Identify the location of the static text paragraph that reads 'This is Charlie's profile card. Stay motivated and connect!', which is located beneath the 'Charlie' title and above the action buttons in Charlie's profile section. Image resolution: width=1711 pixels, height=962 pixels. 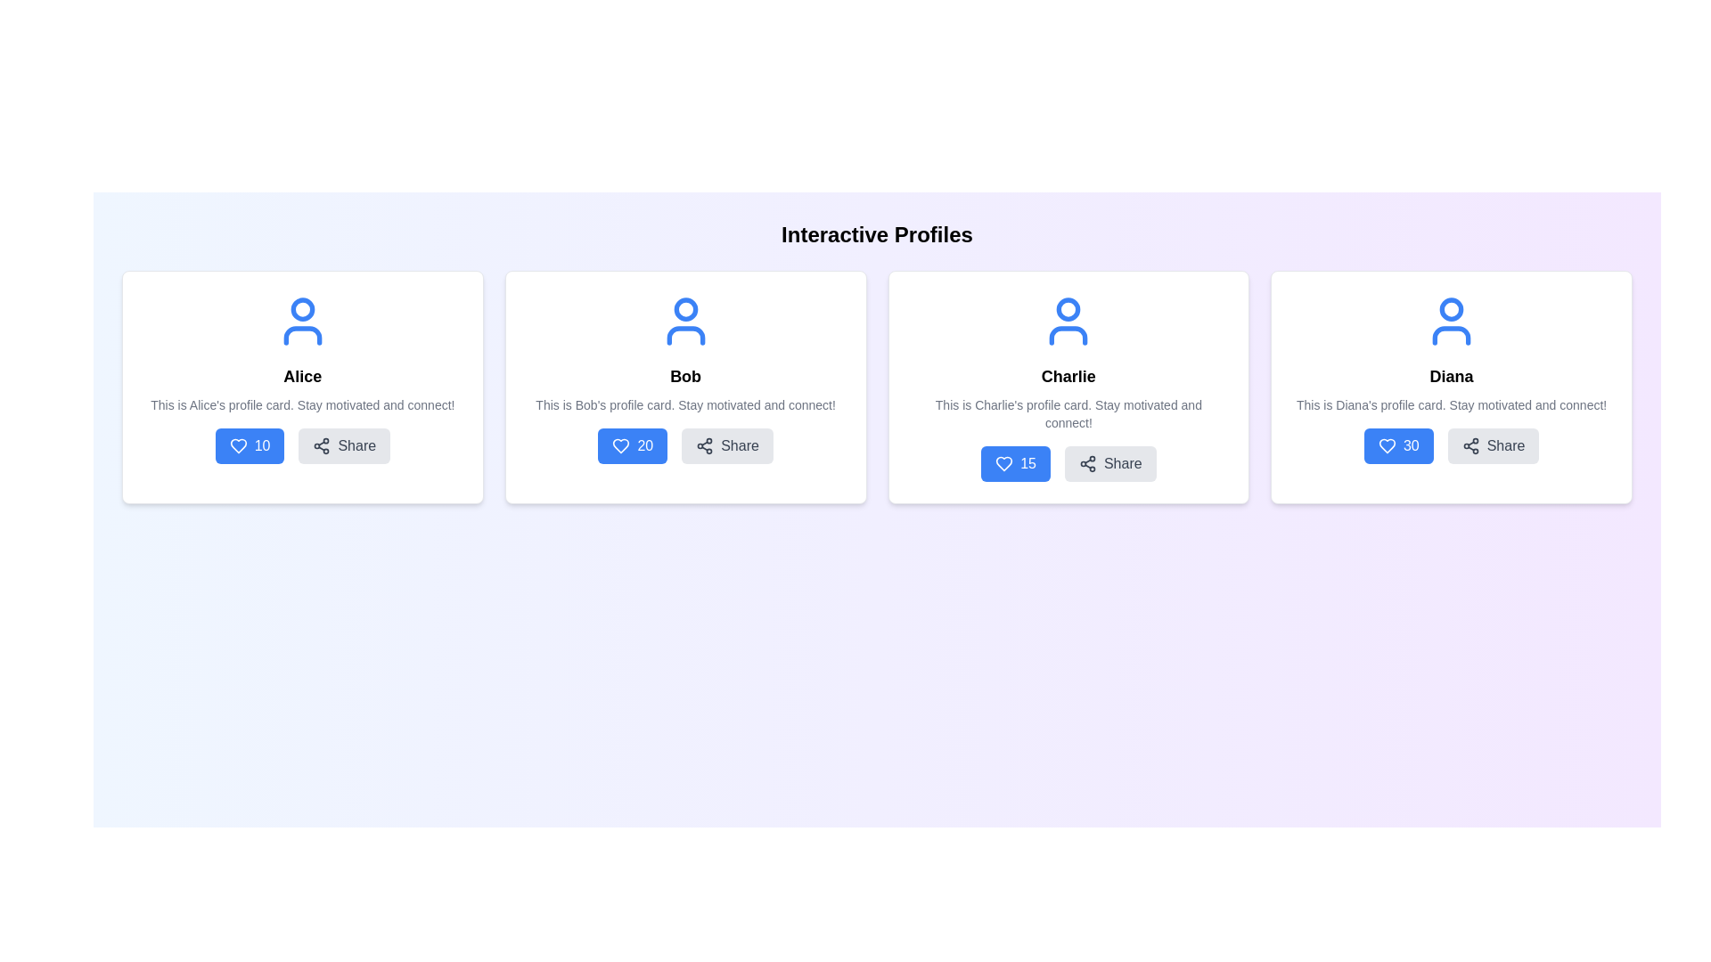
(1068, 414).